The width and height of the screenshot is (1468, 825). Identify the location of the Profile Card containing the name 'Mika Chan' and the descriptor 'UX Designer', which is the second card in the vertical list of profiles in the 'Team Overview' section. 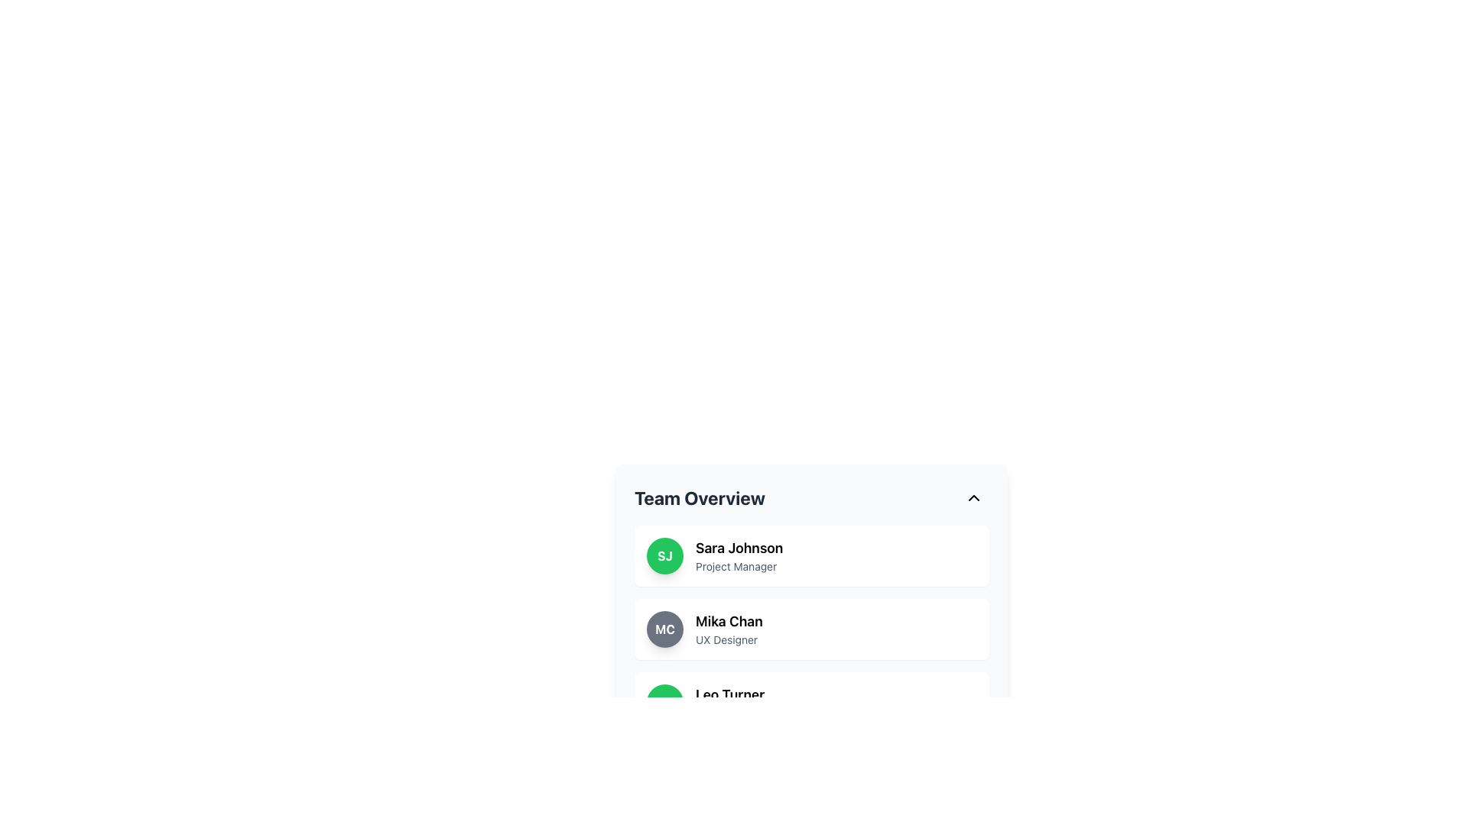
(810, 629).